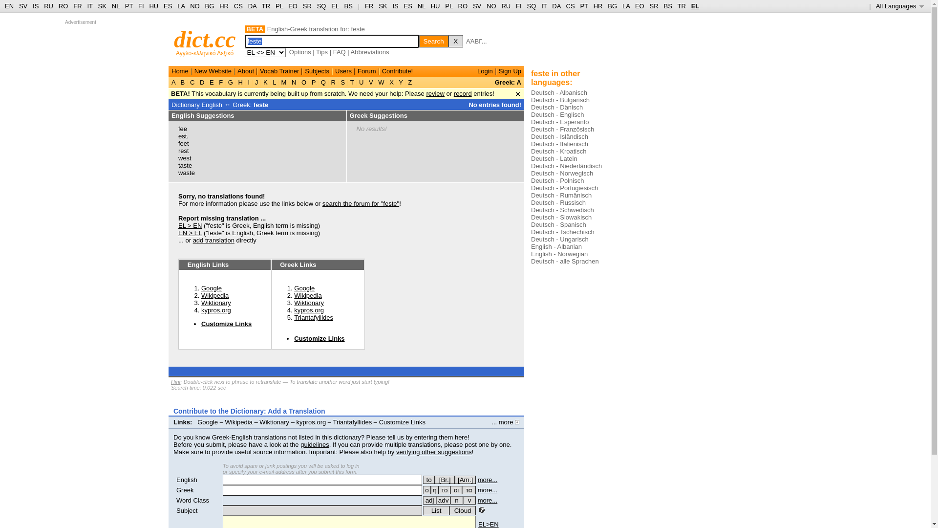 The image size is (938, 528). What do you see at coordinates (178, 82) in the screenshot?
I see `'B'` at bounding box center [178, 82].